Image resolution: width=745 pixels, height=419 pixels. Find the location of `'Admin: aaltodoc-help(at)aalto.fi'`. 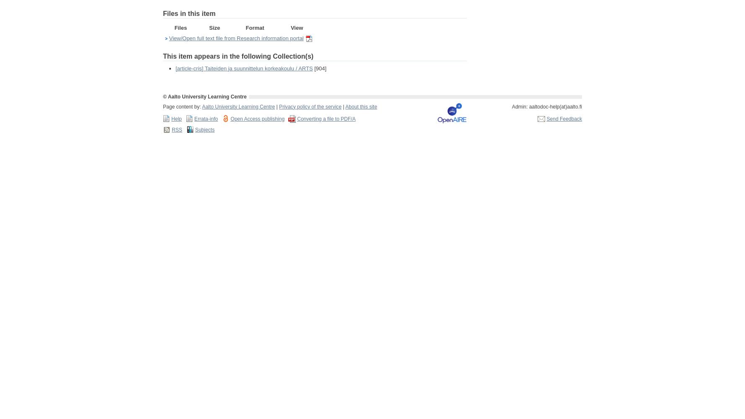

'Admin: aaltodoc-help(at)aalto.fi' is located at coordinates (547, 106).